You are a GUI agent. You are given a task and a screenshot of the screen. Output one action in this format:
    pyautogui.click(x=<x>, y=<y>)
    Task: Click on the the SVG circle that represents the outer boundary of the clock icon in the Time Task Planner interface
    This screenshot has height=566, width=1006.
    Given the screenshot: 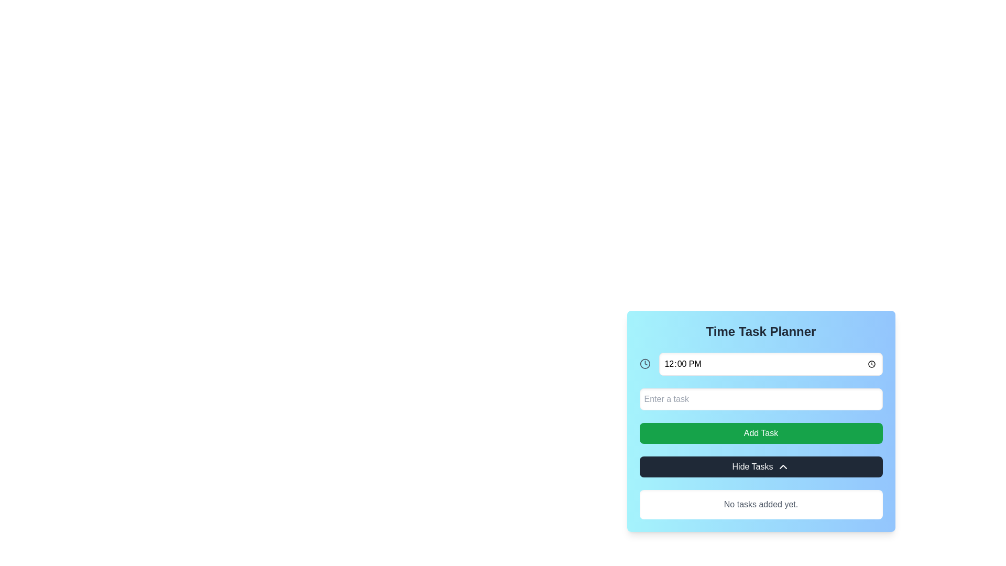 What is the action you would take?
    pyautogui.click(x=644, y=363)
    